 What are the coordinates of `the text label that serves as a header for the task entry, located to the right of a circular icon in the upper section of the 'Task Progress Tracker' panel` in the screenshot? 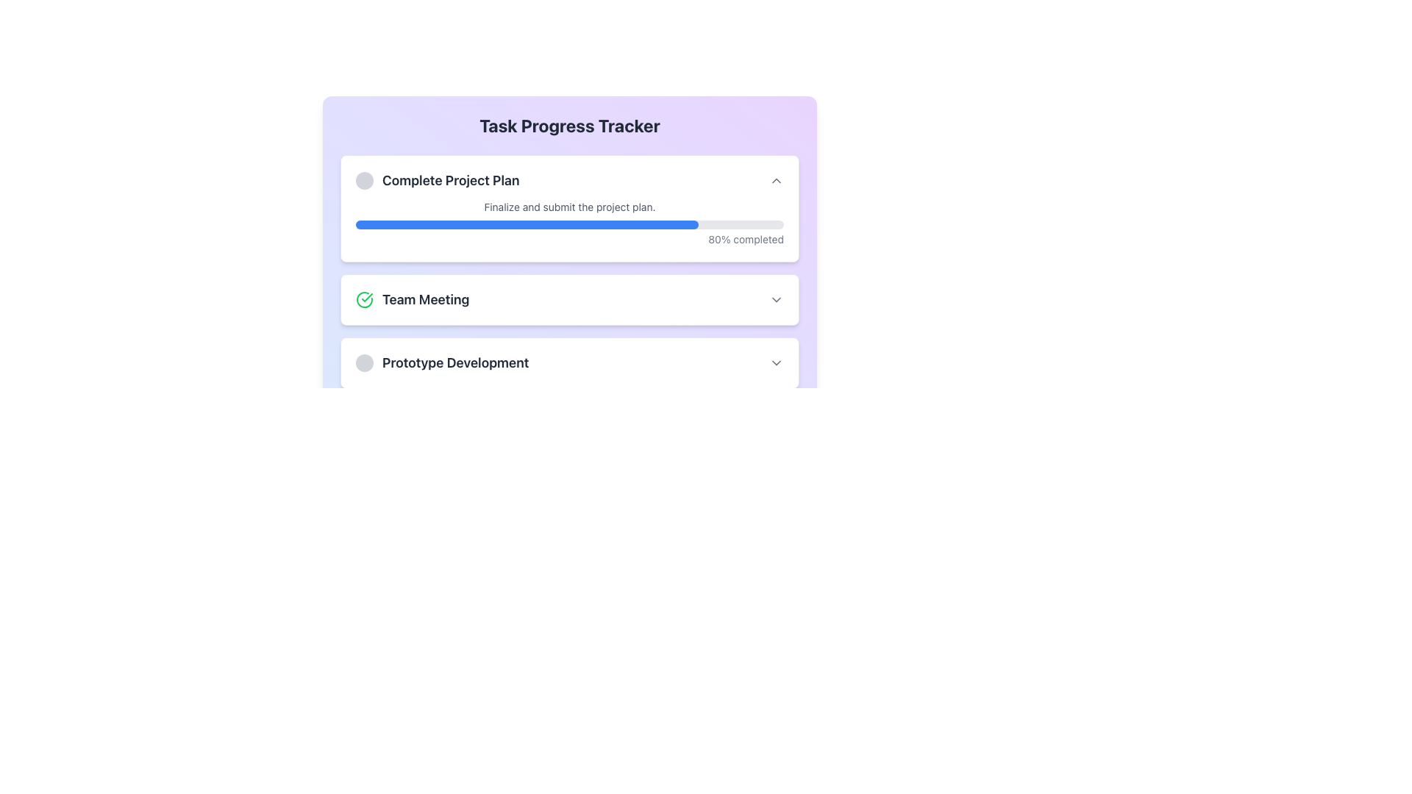 It's located at (450, 180).